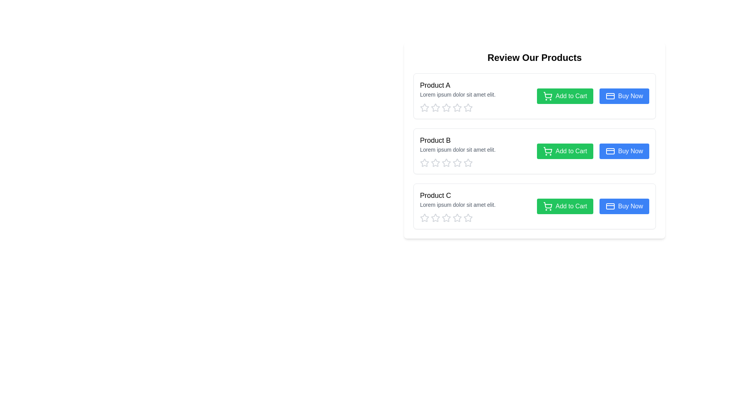 This screenshot has width=746, height=419. Describe the element at coordinates (609, 95) in the screenshot. I see `the decorative blue icon with rounded edges located to the right of the 'Buy Now' button in the first row of products` at that location.